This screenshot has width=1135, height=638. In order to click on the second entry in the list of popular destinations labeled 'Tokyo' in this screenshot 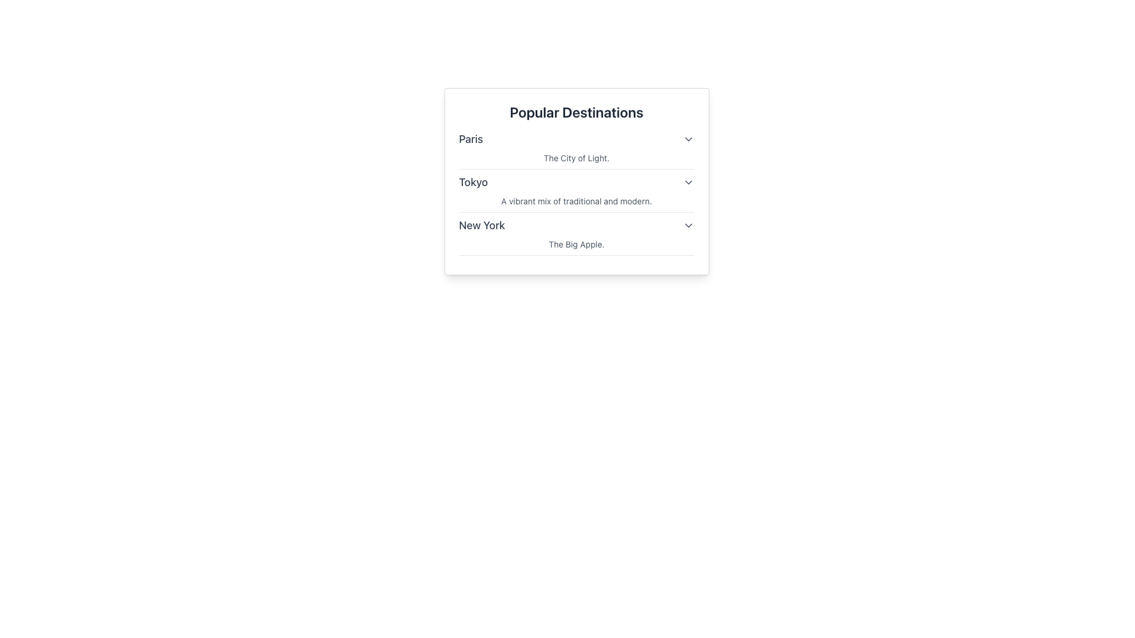, I will do `click(576, 193)`.